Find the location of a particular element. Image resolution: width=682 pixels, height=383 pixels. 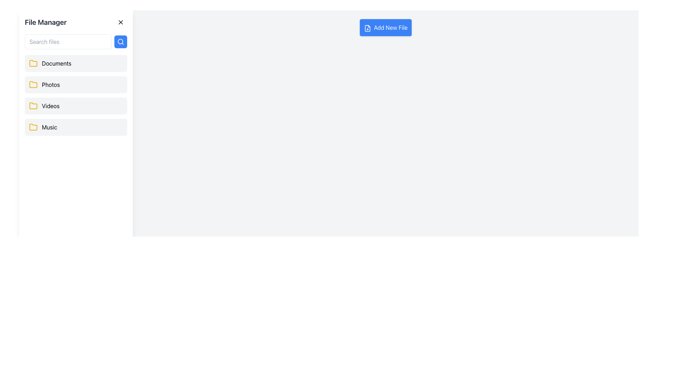

the 'Documents' text label which is the second item in the vertical list of options in the left sidebar of the file manager interface is located at coordinates (56, 63).